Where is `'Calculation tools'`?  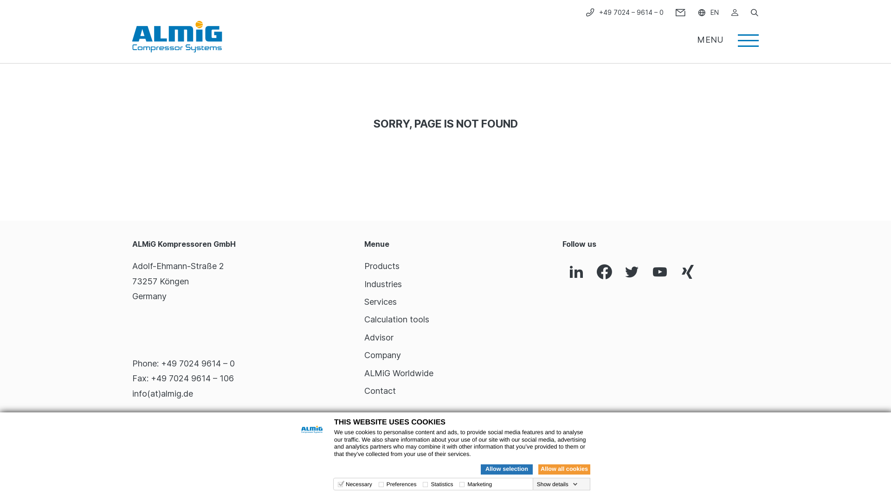
'Calculation tools' is located at coordinates (396, 319).